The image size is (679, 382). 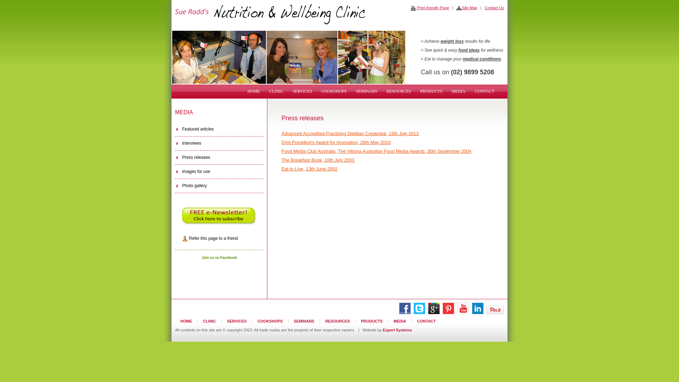 I want to click on 'HOME', so click(x=243, y=91).